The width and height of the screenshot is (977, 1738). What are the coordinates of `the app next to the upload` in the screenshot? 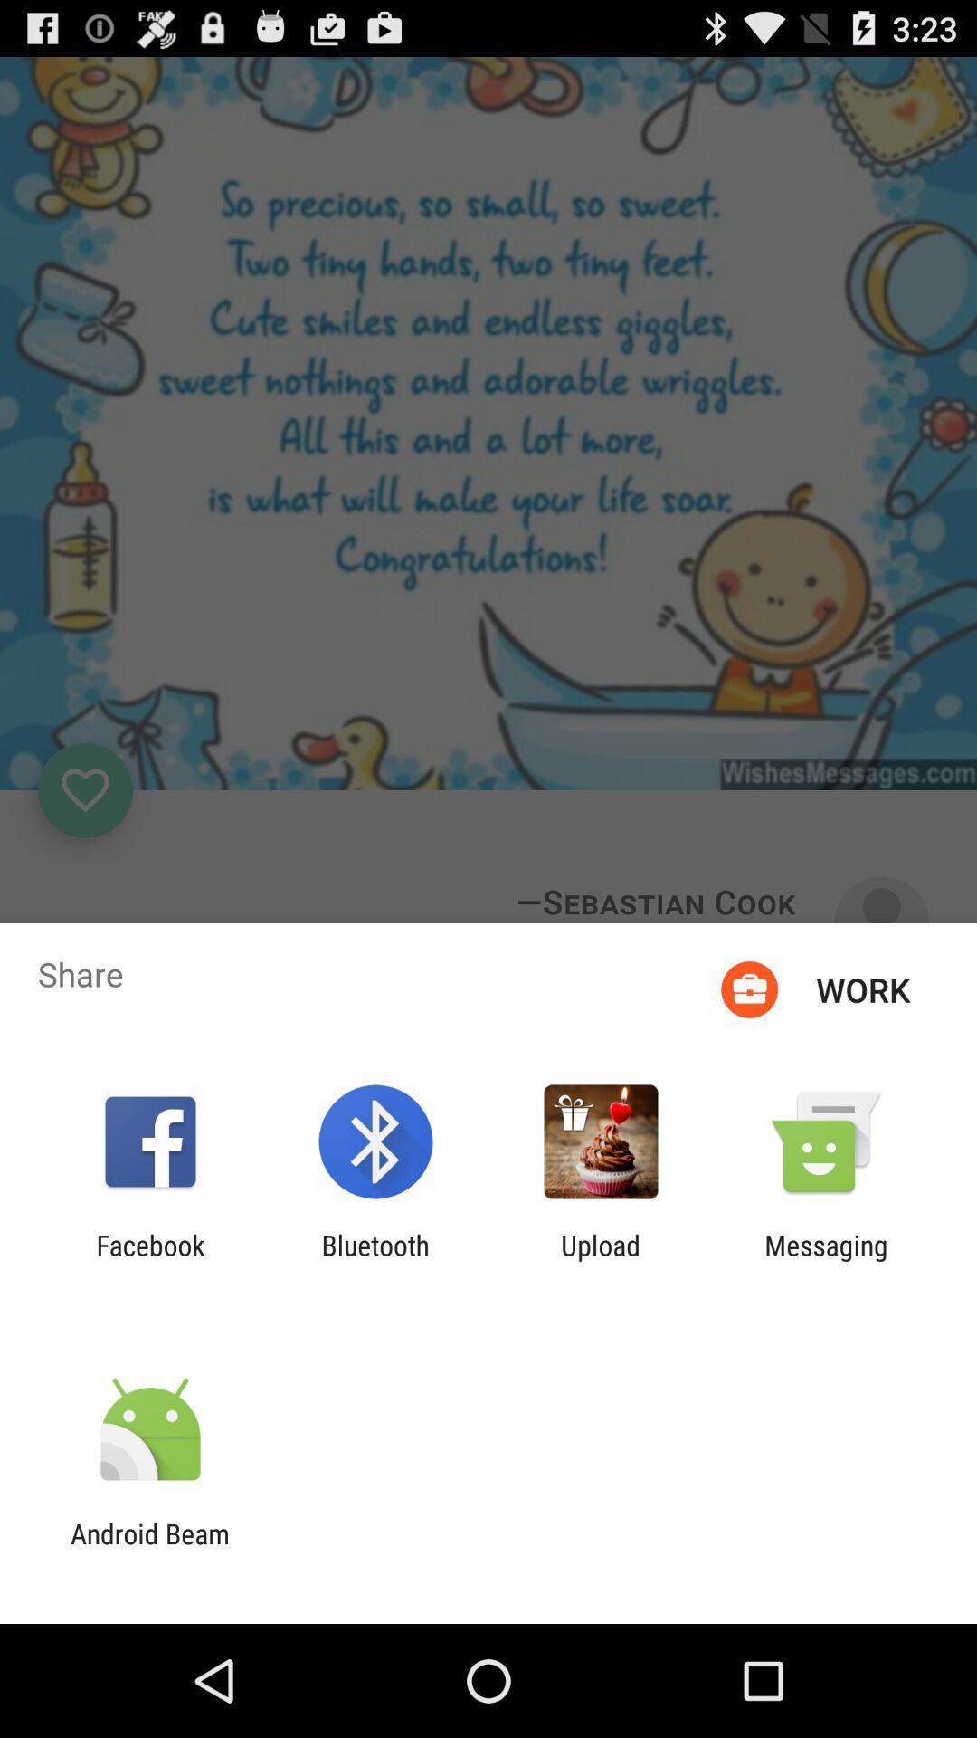 It's located at (826, 1260).